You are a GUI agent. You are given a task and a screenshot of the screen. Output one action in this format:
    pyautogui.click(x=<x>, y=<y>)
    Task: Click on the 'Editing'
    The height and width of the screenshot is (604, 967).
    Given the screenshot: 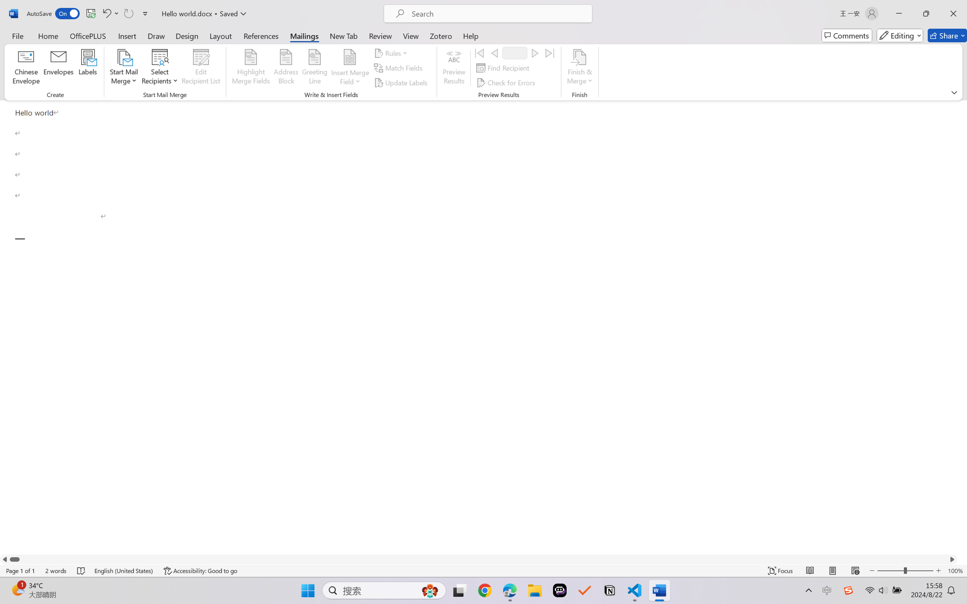 What is the action you would take?
    pyautogui.click(x=900, y=35)
    